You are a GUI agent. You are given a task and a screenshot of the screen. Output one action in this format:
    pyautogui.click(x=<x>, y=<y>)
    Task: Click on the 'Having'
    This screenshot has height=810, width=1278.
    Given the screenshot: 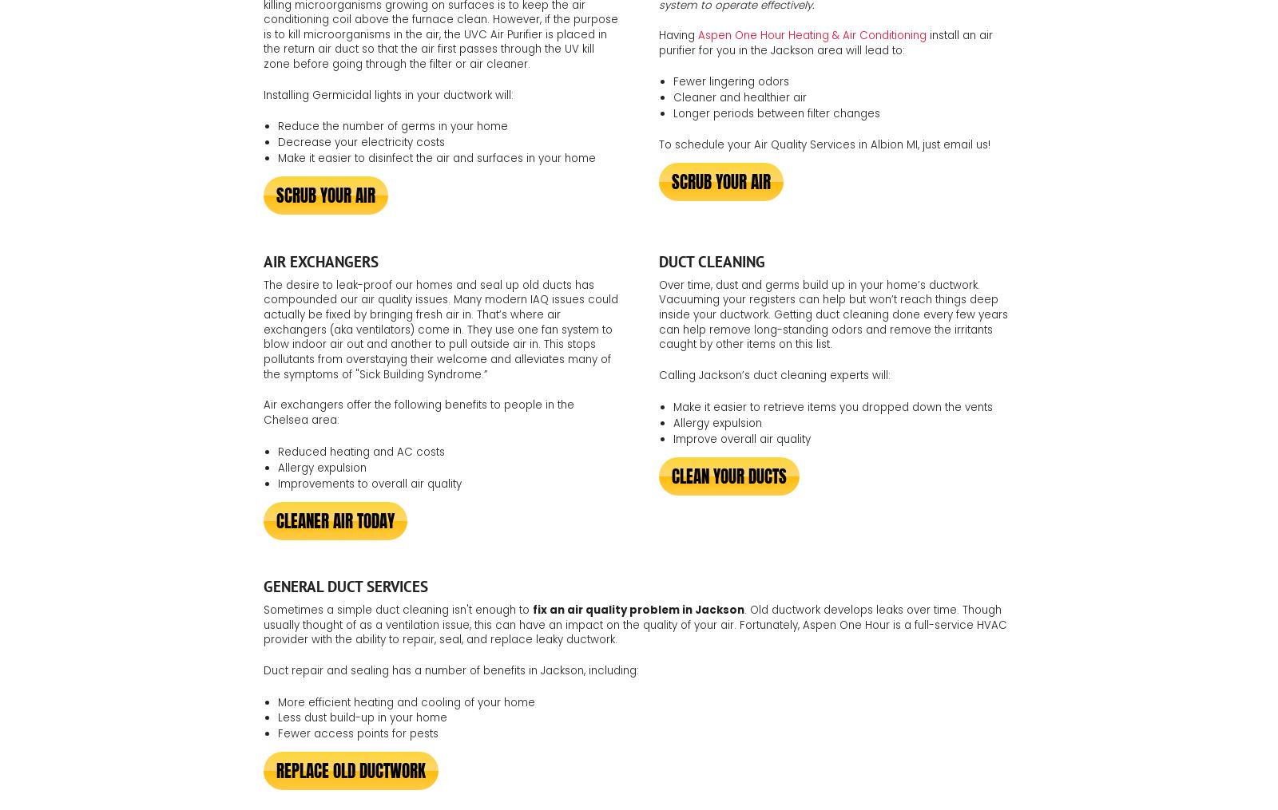 What is the action you would take?
    pyautogui.click(x=677, y=34)
    